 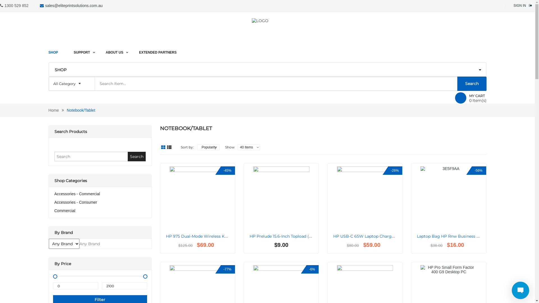 I want to click on 'Accessories - Consumer', so click(x=76, y=202).